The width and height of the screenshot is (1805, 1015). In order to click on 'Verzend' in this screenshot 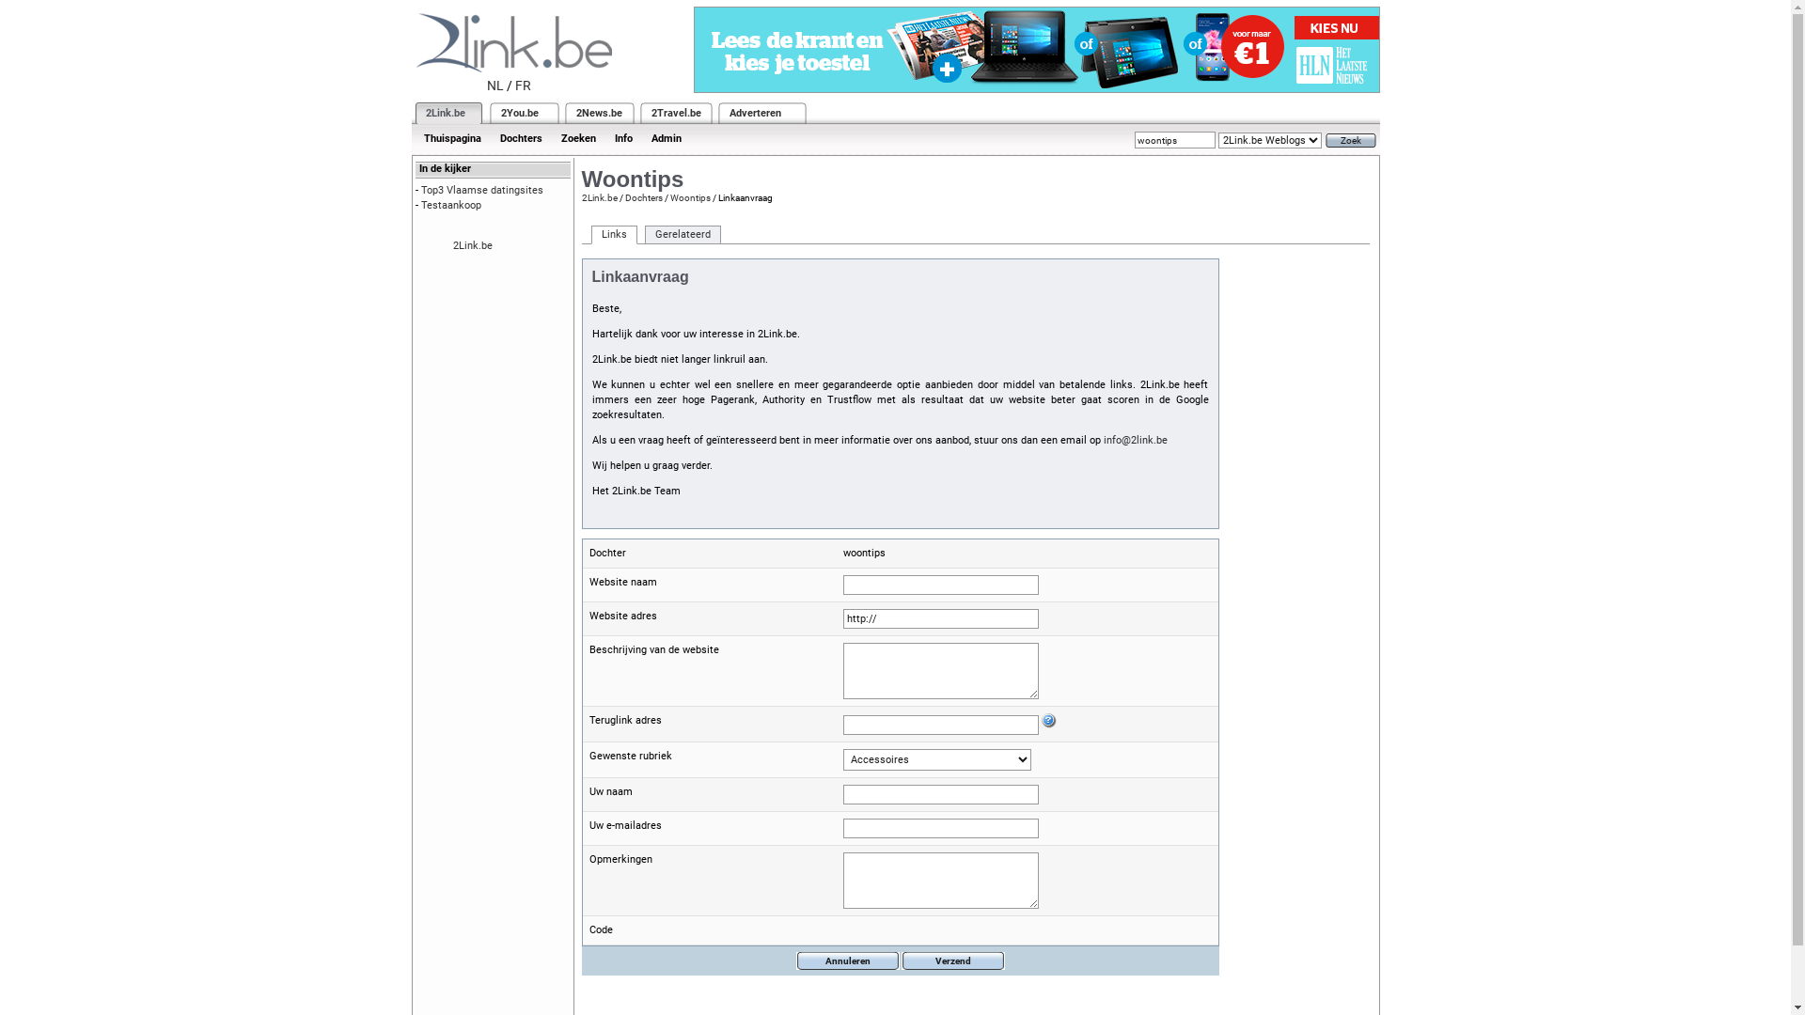, I will do `click(951, 960)`.